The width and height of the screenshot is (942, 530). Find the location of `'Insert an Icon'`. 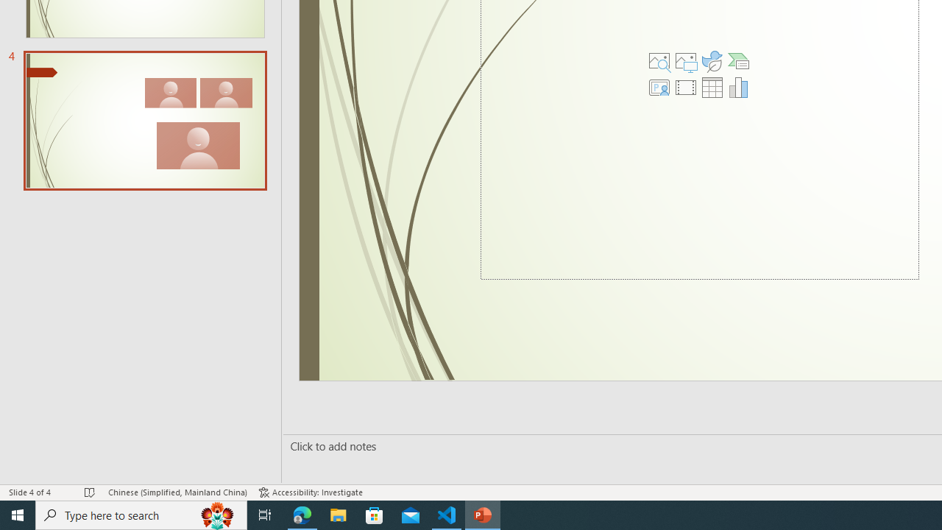

'Insert an Icon' is located at coordinates (712, 60).